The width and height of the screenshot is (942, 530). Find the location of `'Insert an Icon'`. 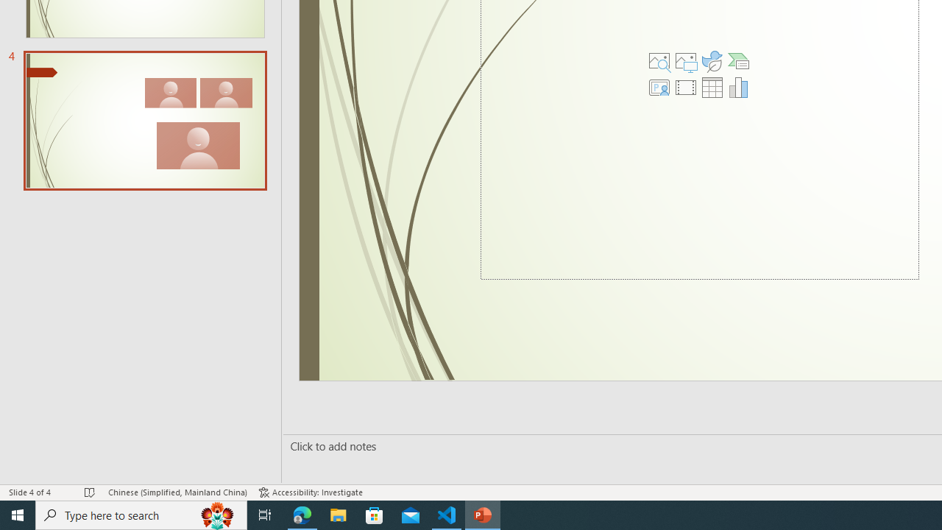

'Insert an Icon' is located at coordinates (712, 60).